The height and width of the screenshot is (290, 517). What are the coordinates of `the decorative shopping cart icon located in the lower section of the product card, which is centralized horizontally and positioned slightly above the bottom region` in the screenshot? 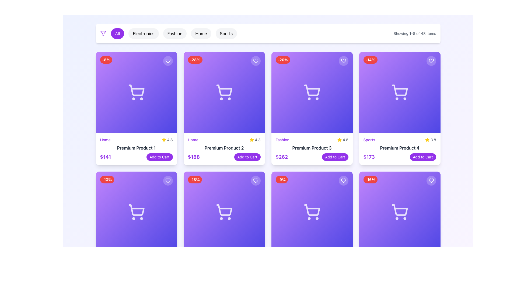 It's located at (312, 210).